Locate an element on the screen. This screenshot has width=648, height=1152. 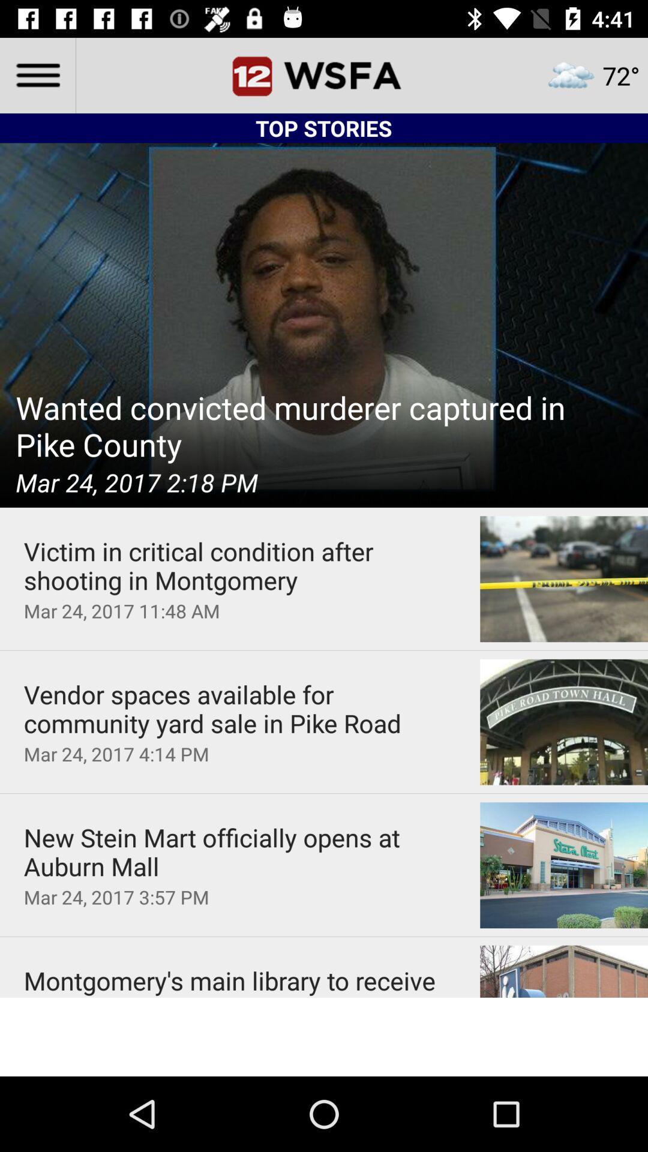
the menu icon is located at coordinates (37, 74).